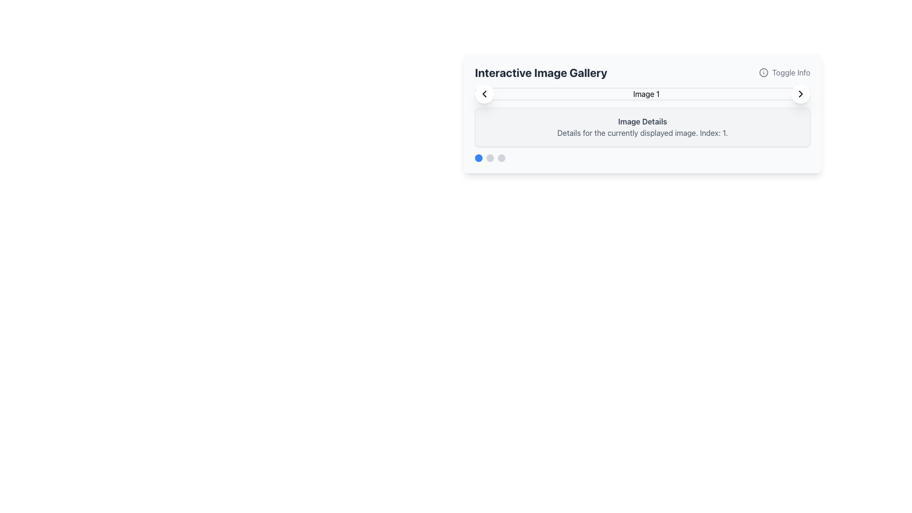  What do you see at coordinates (643, 133) in the screenshot?
I see `the text area that displays additional details about the currently shown image, located at the bottom of the card-like component under the heading 'Image Details.'` at bounding box center [643, 133].